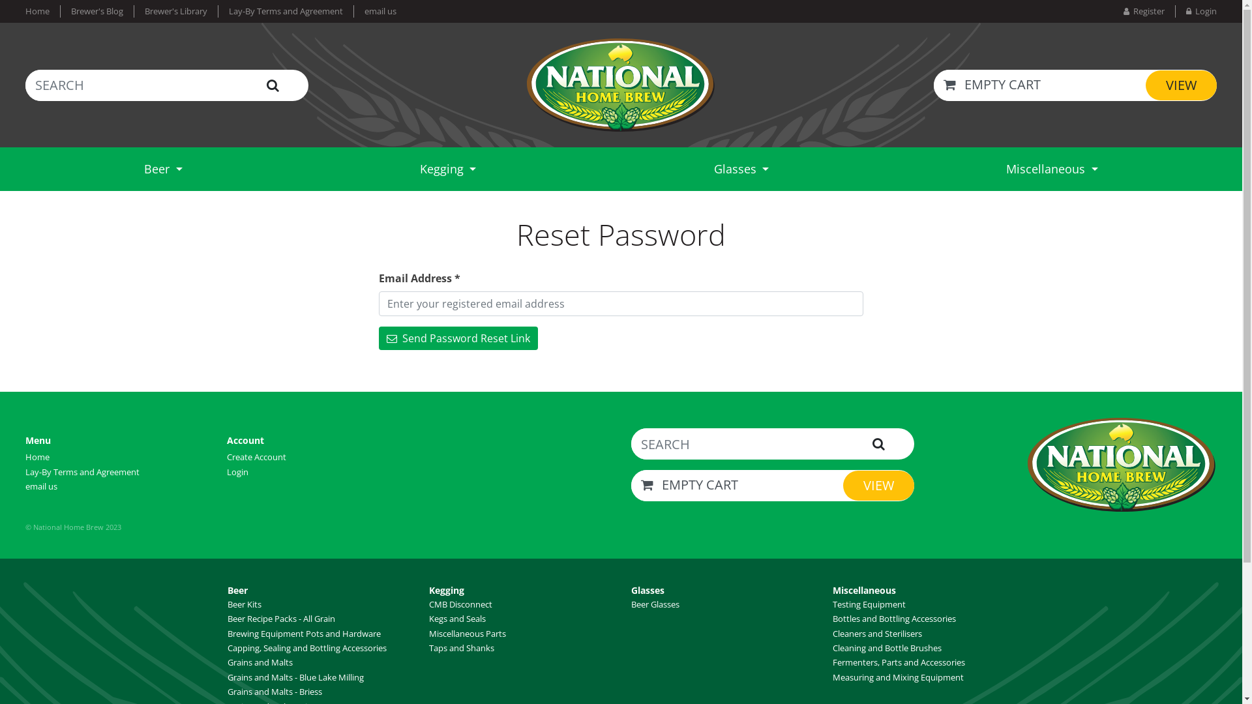 This screenshot has height=704, width=1252. Describe the element at coordinates (306, 648) in the screenshot. I see `'Capping, Sealing and Bottling Accessories'` at that location.